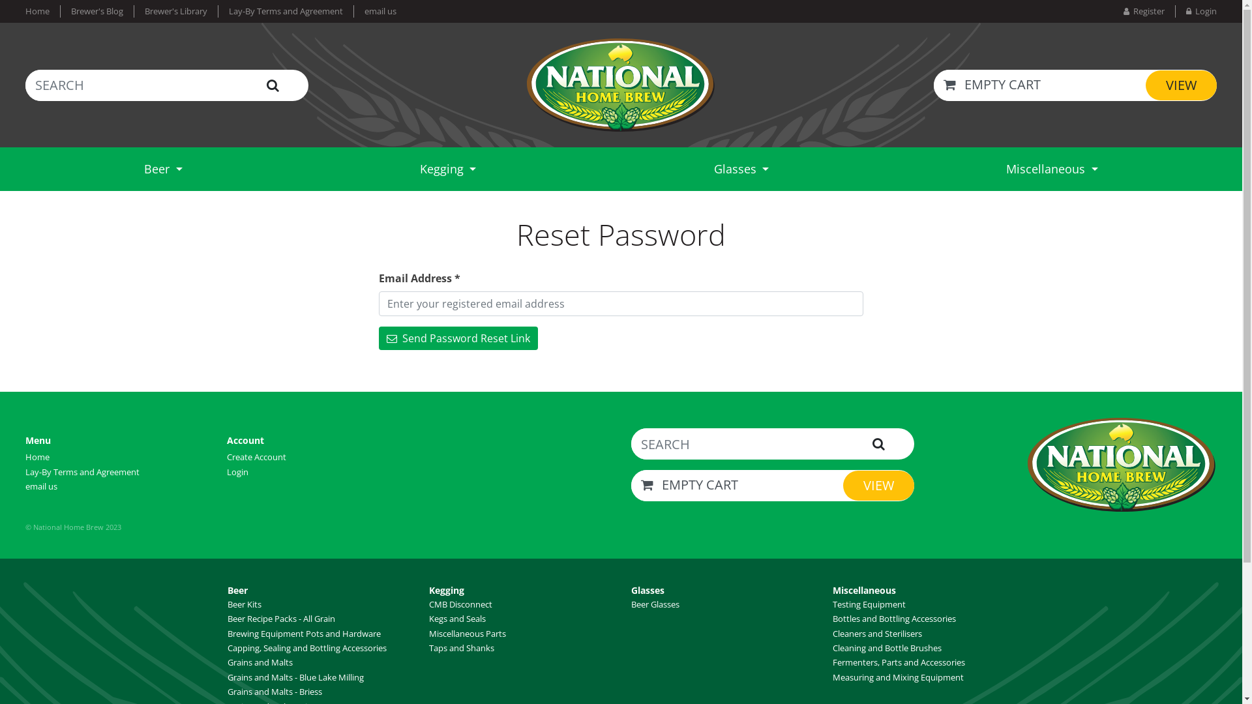 This screenshot has height=704, width=1252. Describe the element at coordinates (306, 648) in the screenshot. I see `'Capping, Sealing and Bottling Accessories'` at that location.